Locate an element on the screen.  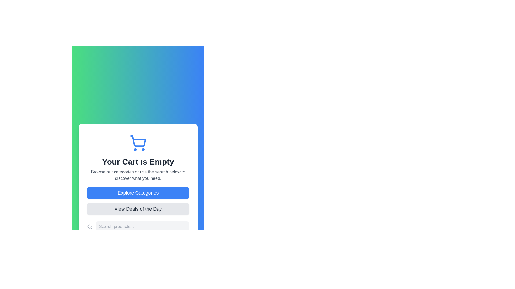
the 'Deals of the Day' button located below the 'Explore Categories' button is located at coordinates (138, 208).